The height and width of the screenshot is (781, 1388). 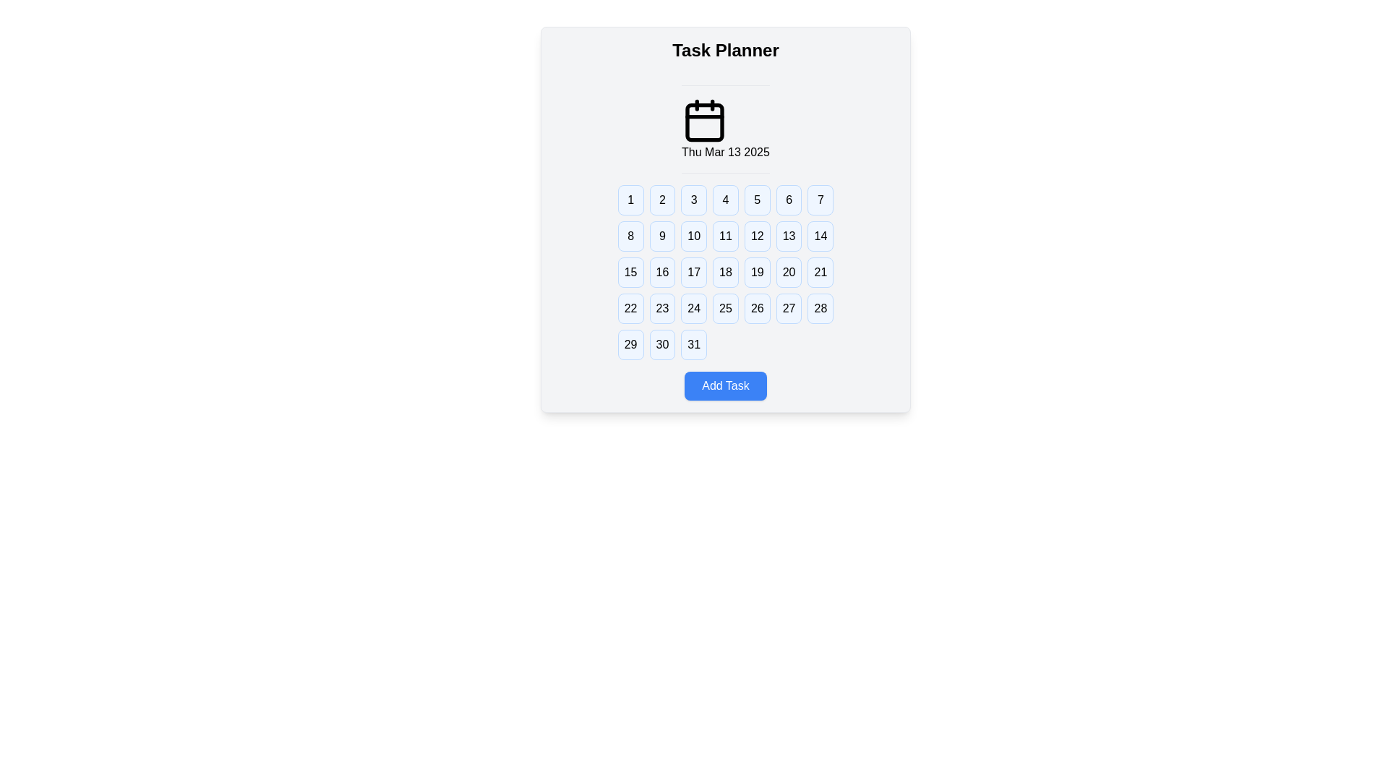 I want to click on the first selectable calendar date element located in the first row and first column of the grid, so click(x=630, y=200).